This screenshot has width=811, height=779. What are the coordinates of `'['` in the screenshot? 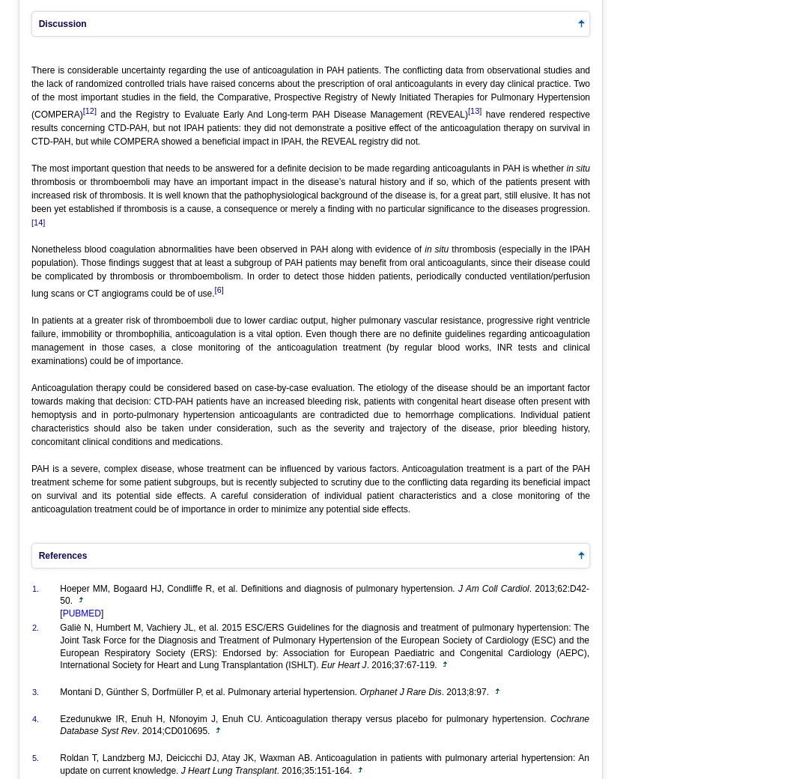 It's located at (60, 613).